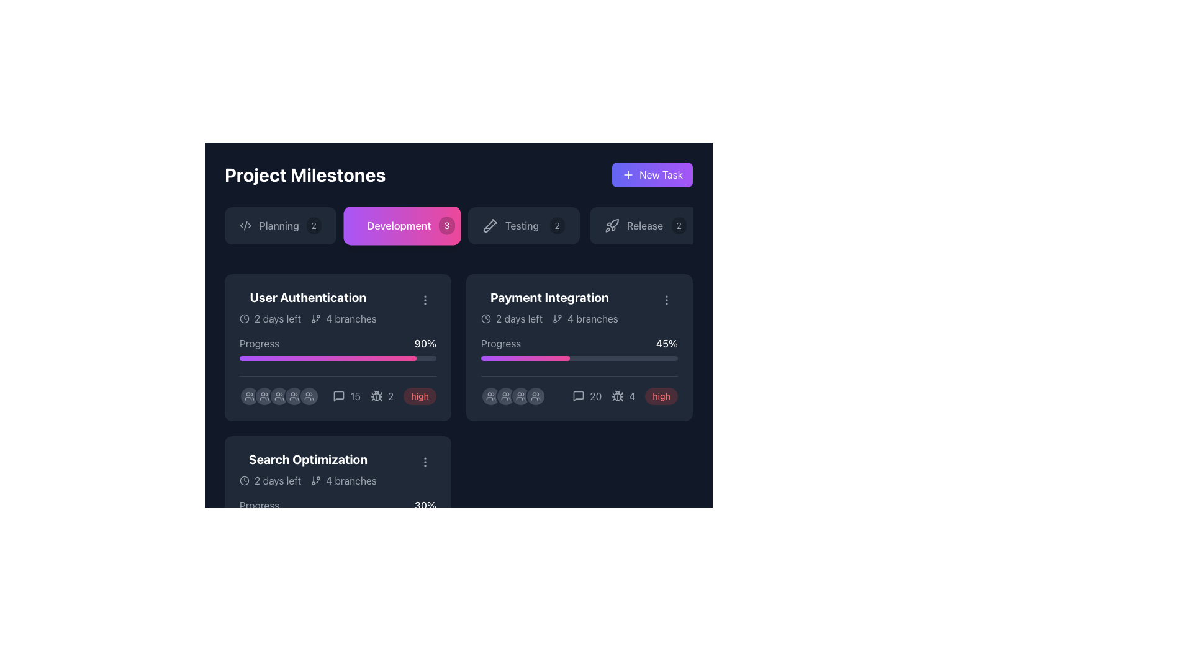  Describe the element at coordinates (343, 318) in the screenshot. I see `information displayed in the text label that reads '4 branches', which is located in the bottom-left portion of the 'User Authentication' card, next to the '2 days left' label` at that location.